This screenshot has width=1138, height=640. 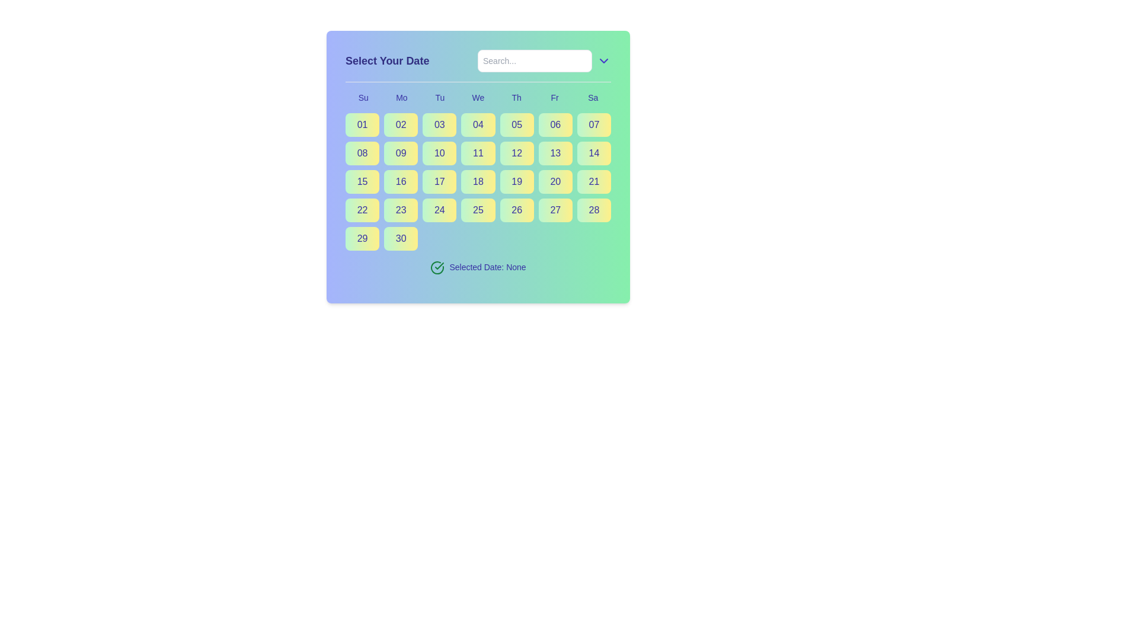 I want to click on the Friday text label, which is the sixth item in a horizontal grid of day abbreviations, positioned between 'Th' and 'Sa', so click(x=554, y=97).